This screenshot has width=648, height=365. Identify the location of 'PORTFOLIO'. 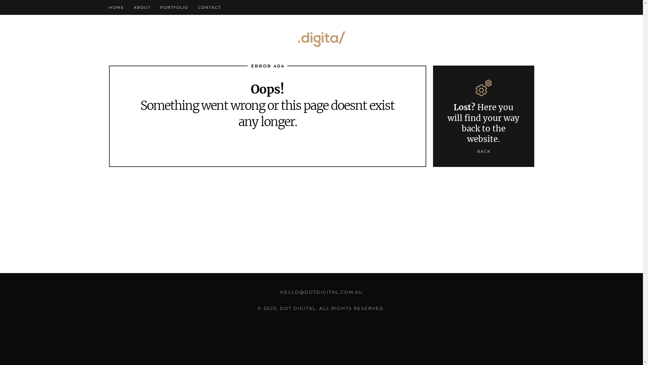
(160, 7).